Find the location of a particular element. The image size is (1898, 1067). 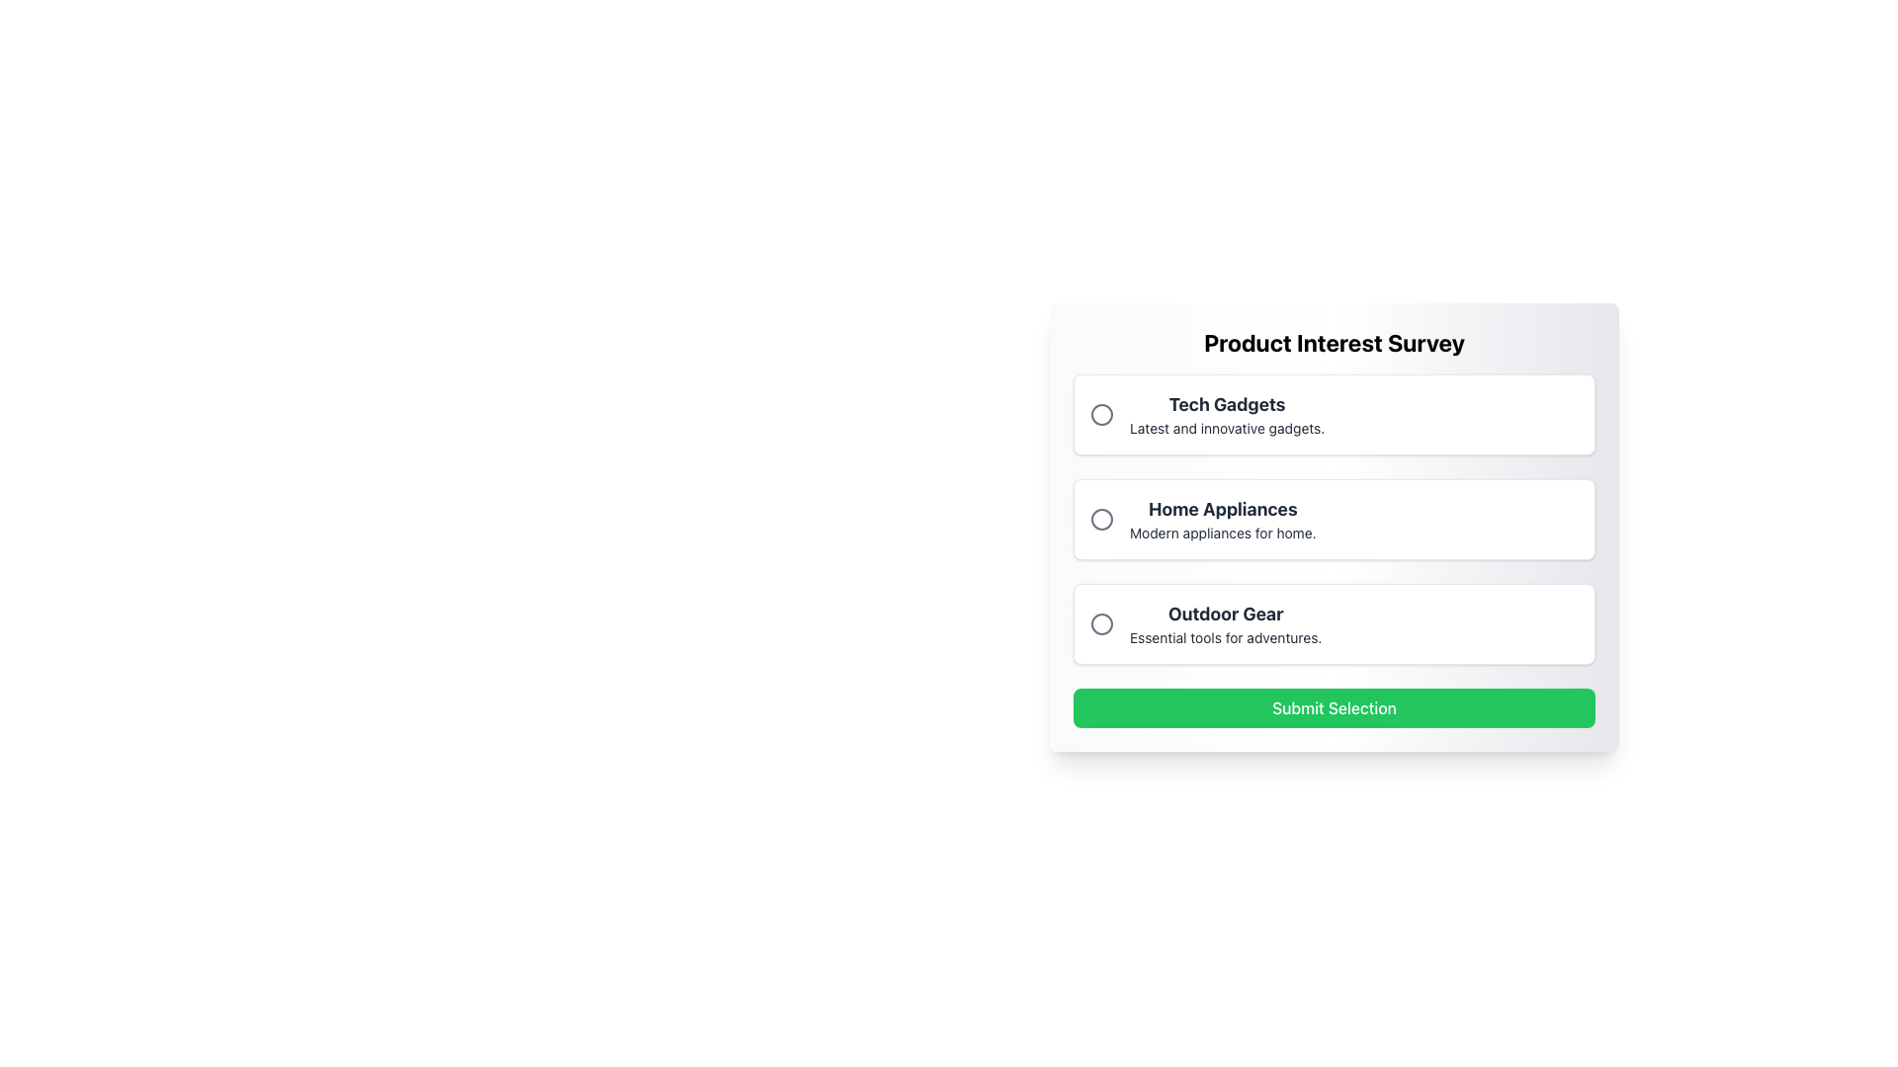

the bold text element labeled 'Outdoor Gear' which is prominently displayed in the third option group of the vertical list is located at coordinates (1225, 613).